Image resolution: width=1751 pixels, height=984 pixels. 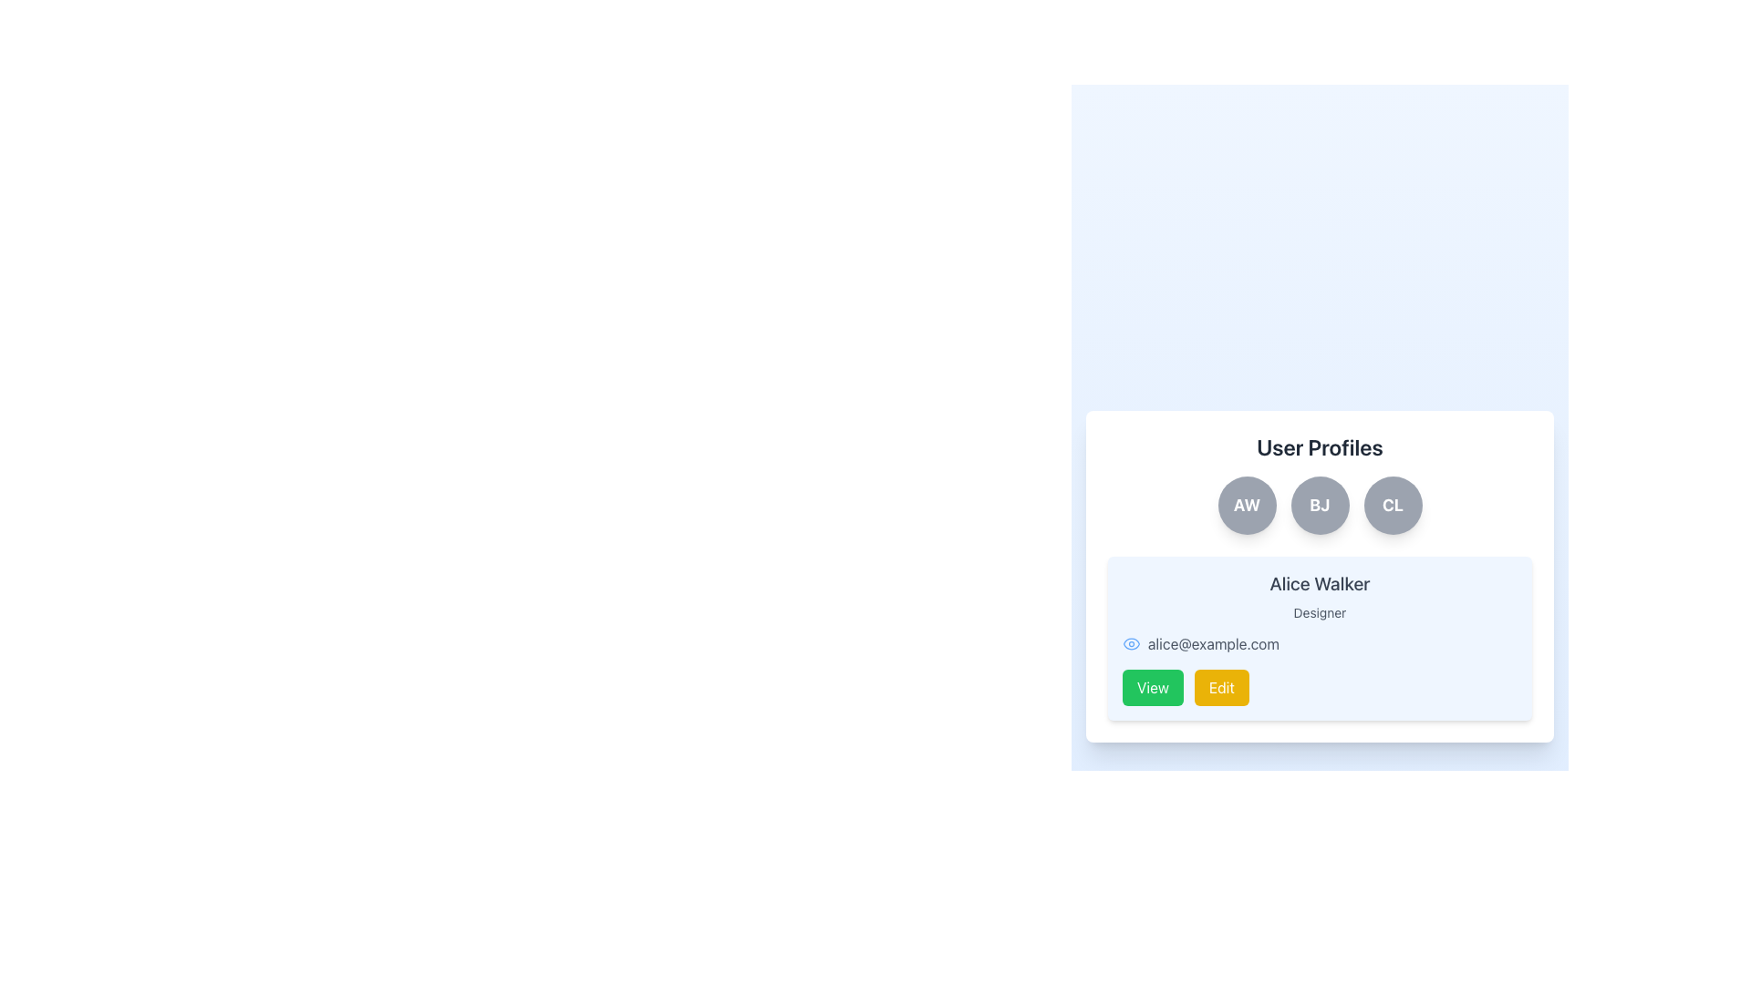 What do you see at coordinates (1213, 642) in the screenshot?
I see `the email address text element located to the right of the small blue eye icon, which displays the user's email for informational purposes` at bounding box center [1213, 642].